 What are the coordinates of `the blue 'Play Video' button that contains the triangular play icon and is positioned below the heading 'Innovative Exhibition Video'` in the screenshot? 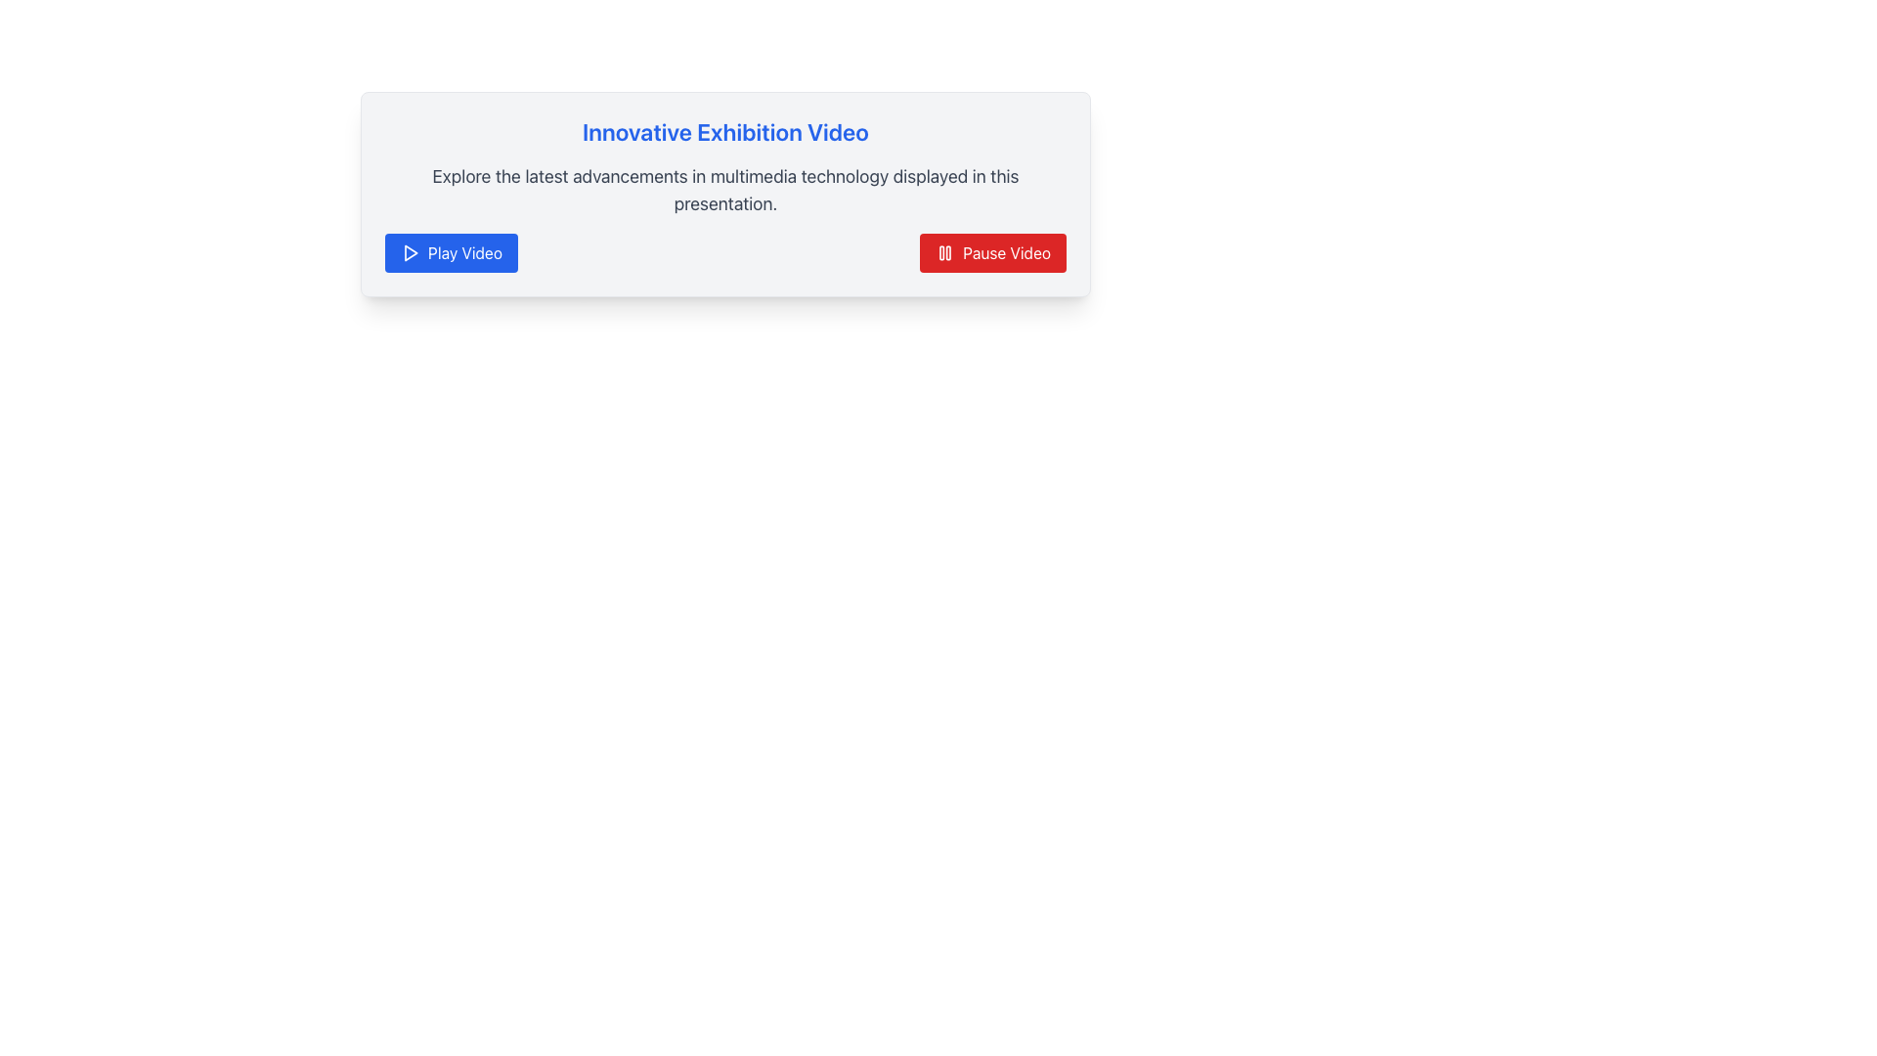 It's located at (410, 251).